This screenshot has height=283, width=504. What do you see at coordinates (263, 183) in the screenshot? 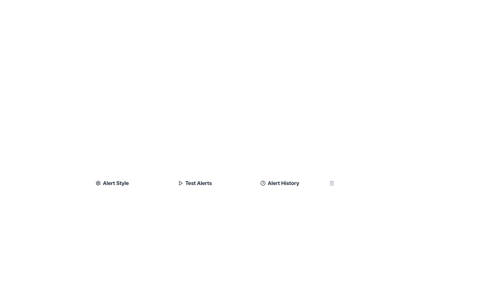
I see `the circular graphical element that represents the clock icon, which is centered at the 'Alert History' text label` at bounding box center [263, 183].